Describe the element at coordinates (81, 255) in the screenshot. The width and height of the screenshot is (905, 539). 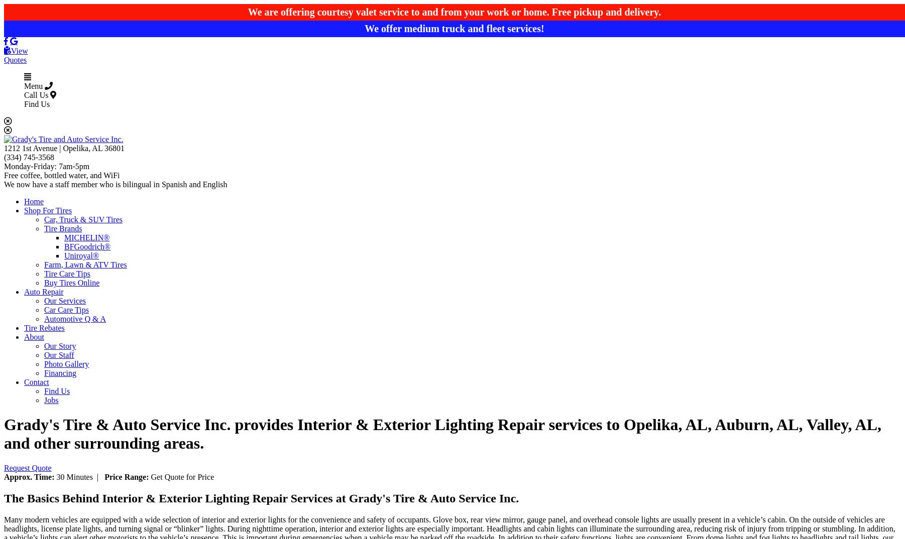
I see `'Uniroyal®'` at that location.